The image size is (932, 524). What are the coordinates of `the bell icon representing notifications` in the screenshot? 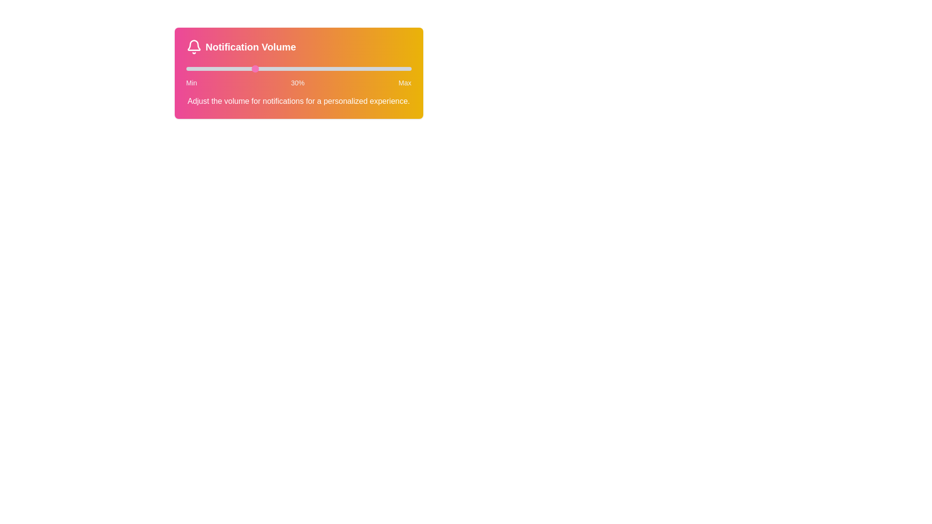 It's located at (194, 47).